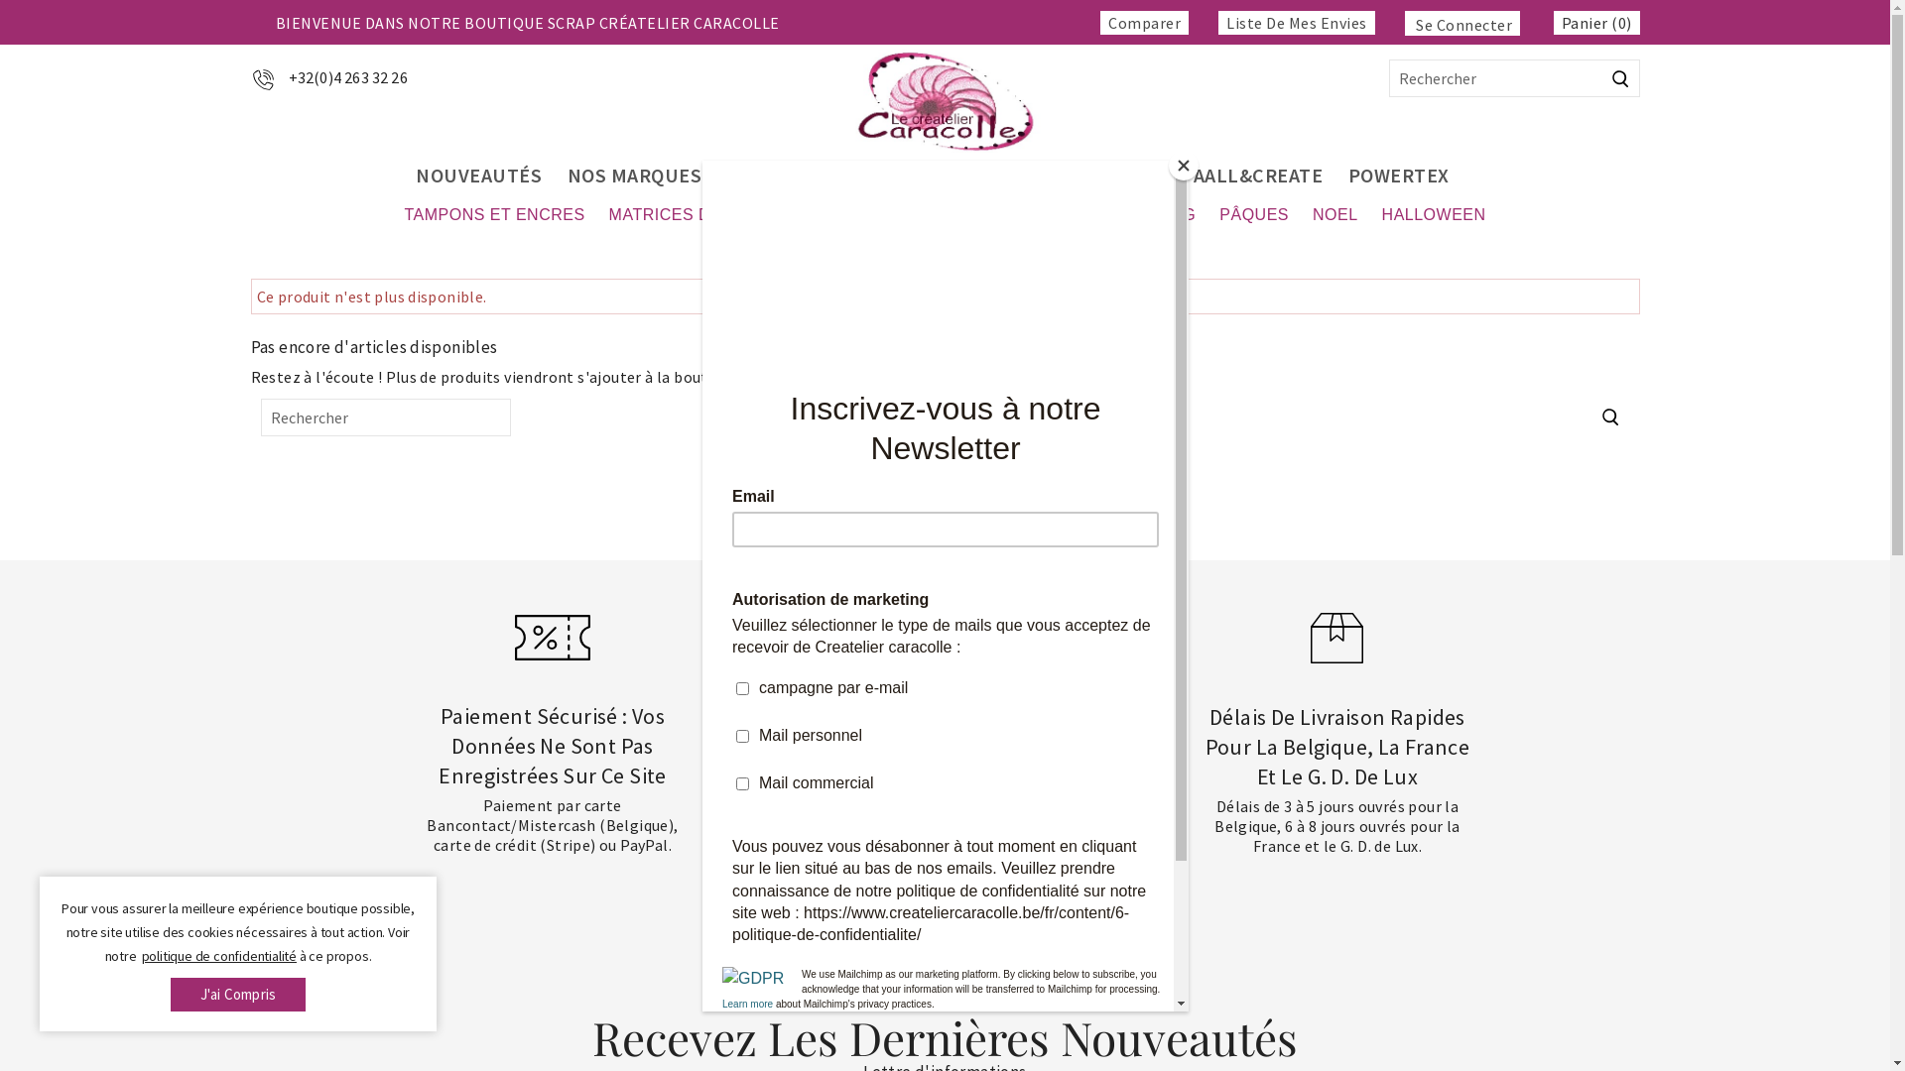 This screenshot has width=1905, height=1071. What do you see at coordinates (1398, 175) in the screenshot?
I see `'POWERTEX'` at bounding box center [1398, 175].